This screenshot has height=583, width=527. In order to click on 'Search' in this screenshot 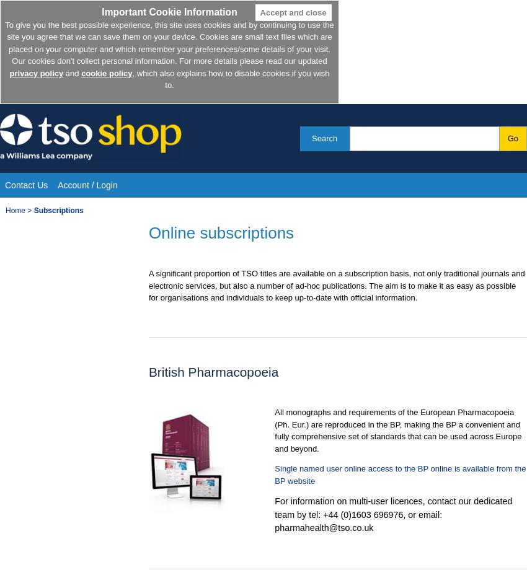, I will do `click(324, 138)`.